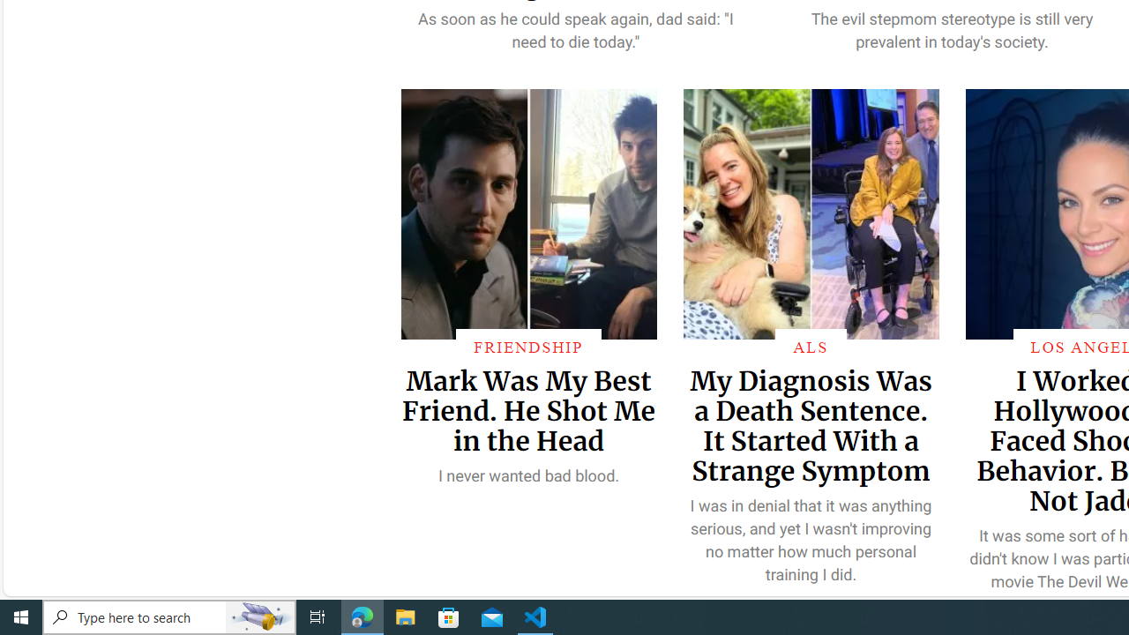 This screenshot has height=635, width=1129. Describe the element at coordinates (535, 616) in the screenshot. I see `'Visual Studio Code - 1 running window'` at that location.